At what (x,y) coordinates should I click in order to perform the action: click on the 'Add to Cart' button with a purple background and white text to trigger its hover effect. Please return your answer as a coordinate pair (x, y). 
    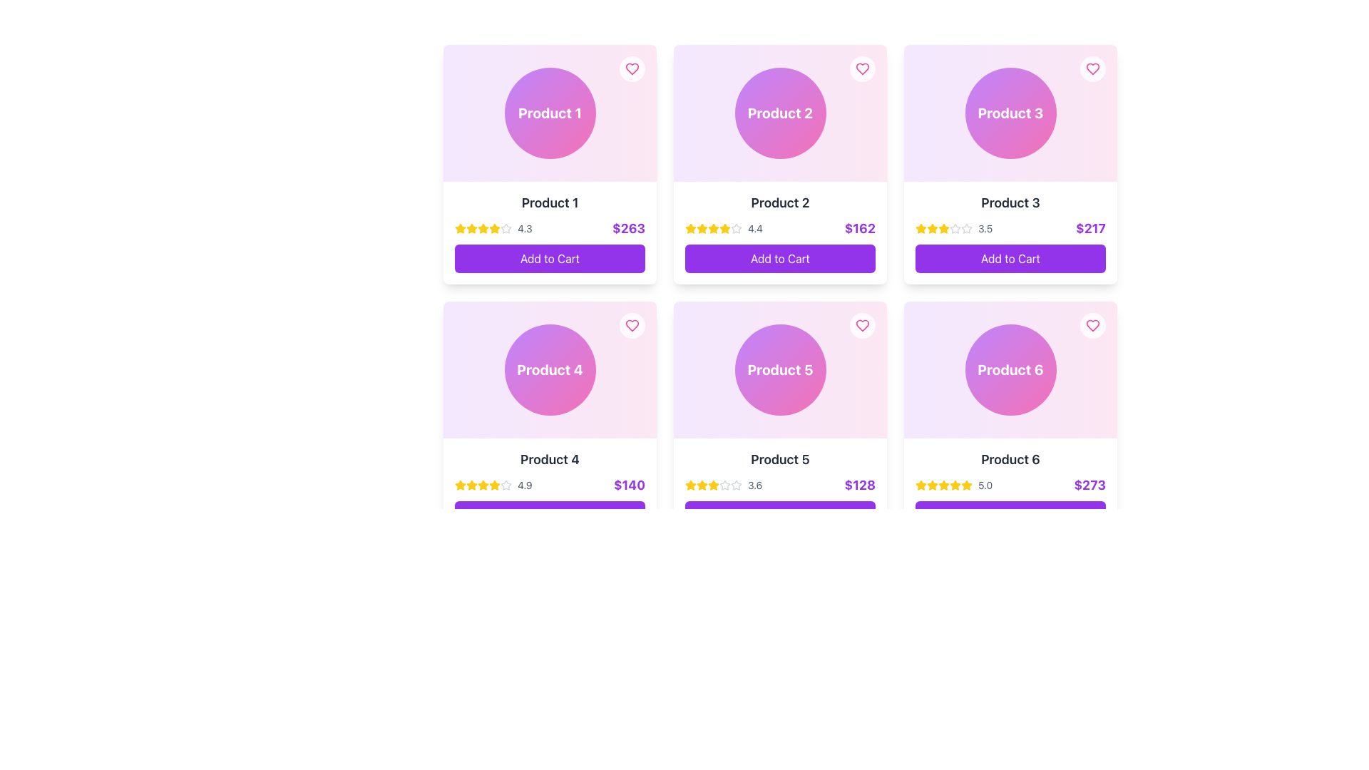
    Looking at the image, I should click on (779, 258).